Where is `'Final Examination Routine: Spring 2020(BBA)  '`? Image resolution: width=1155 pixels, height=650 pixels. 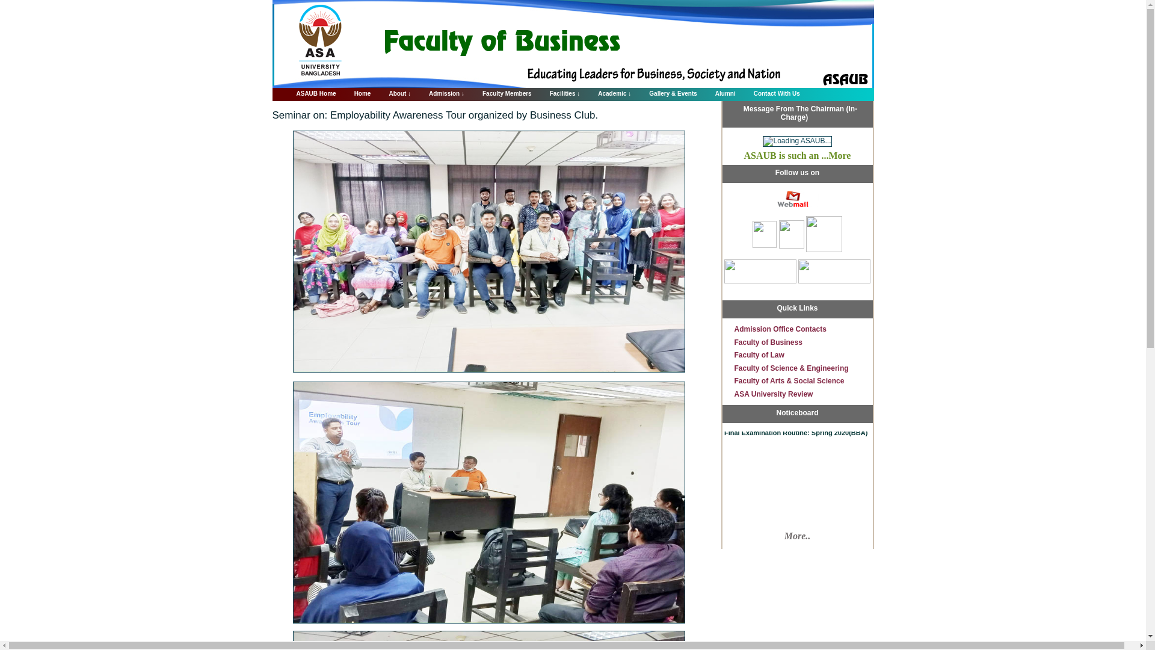 'Final Examination Routine: Spring 2020(BBA)  ' is located at coordinates (796, 430).